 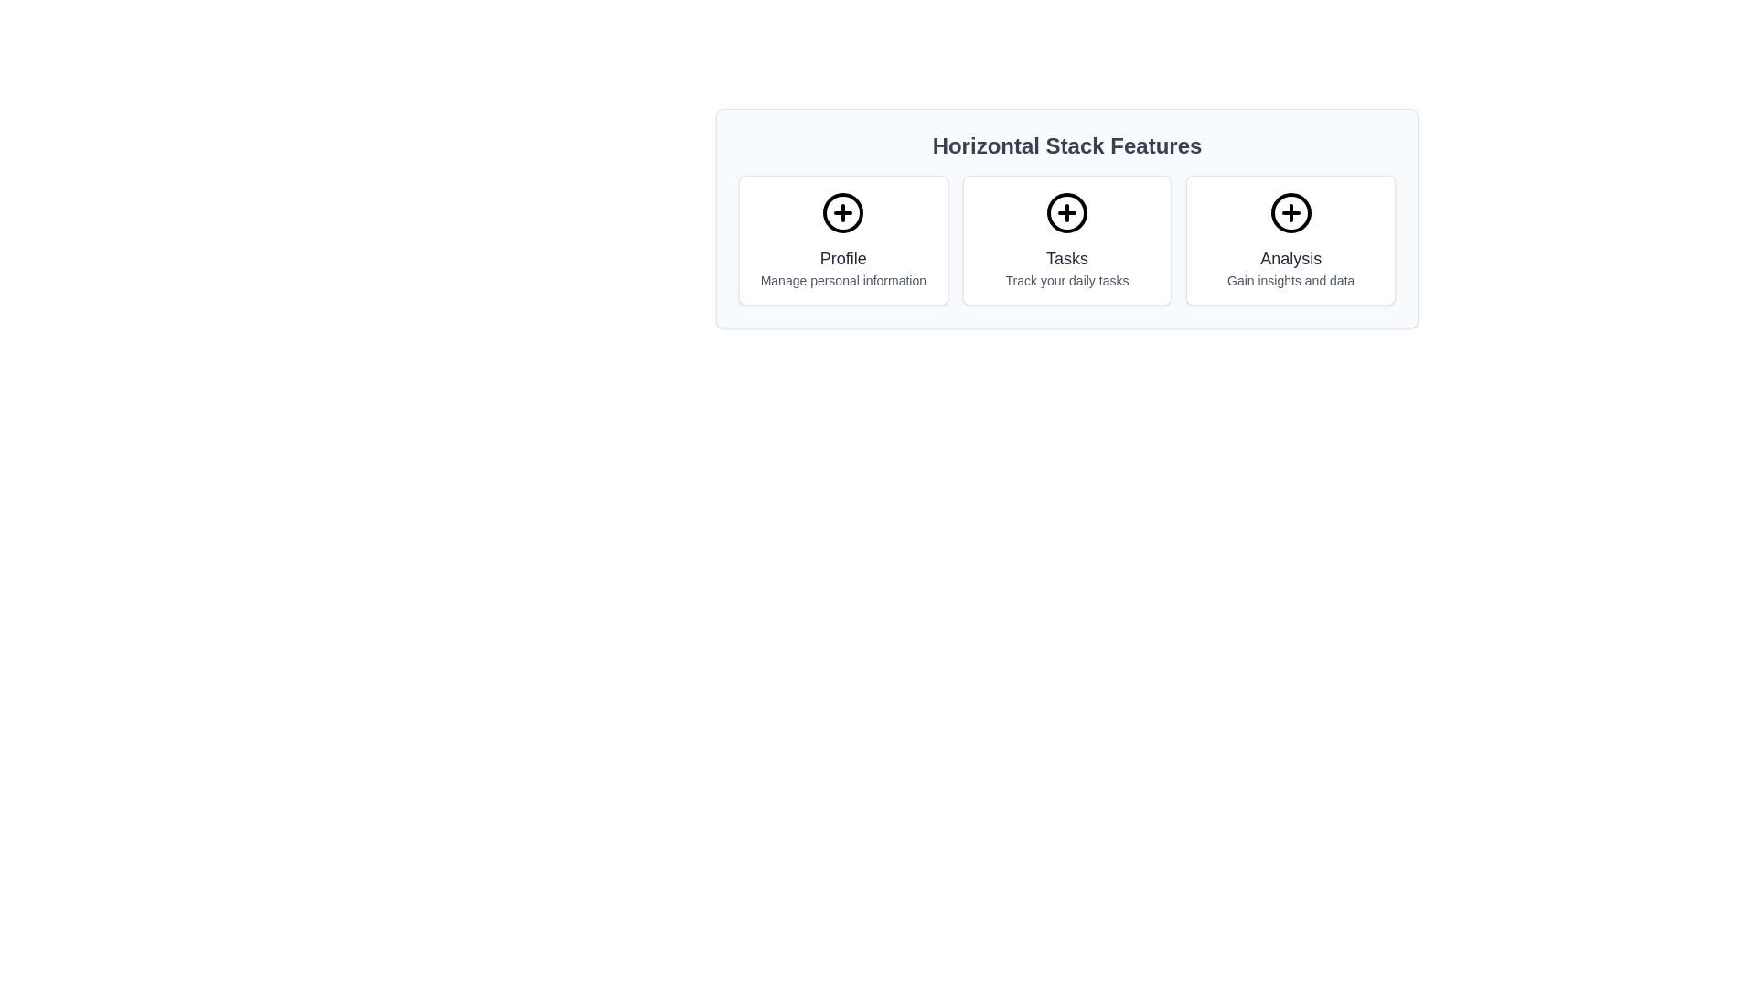 What do you see at coordinates (1066, 218) in the screenshot?
I see `descriptions in the section titled 'Horizontal Stack Features', which contains three horizontally aligned cards with the middle card labeled 'Tasks'` at bounding box center [1066, 218].